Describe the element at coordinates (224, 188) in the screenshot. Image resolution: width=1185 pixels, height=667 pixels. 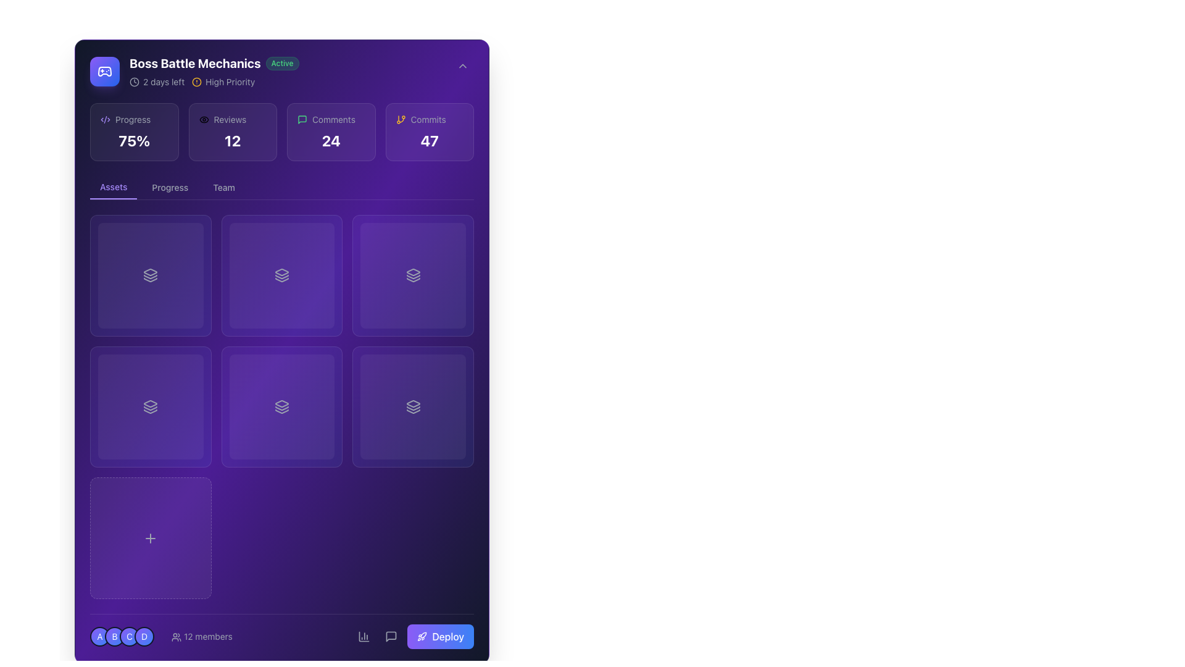
I see `the 'Team' button located on the top bar of the interface to change its color` at that location.